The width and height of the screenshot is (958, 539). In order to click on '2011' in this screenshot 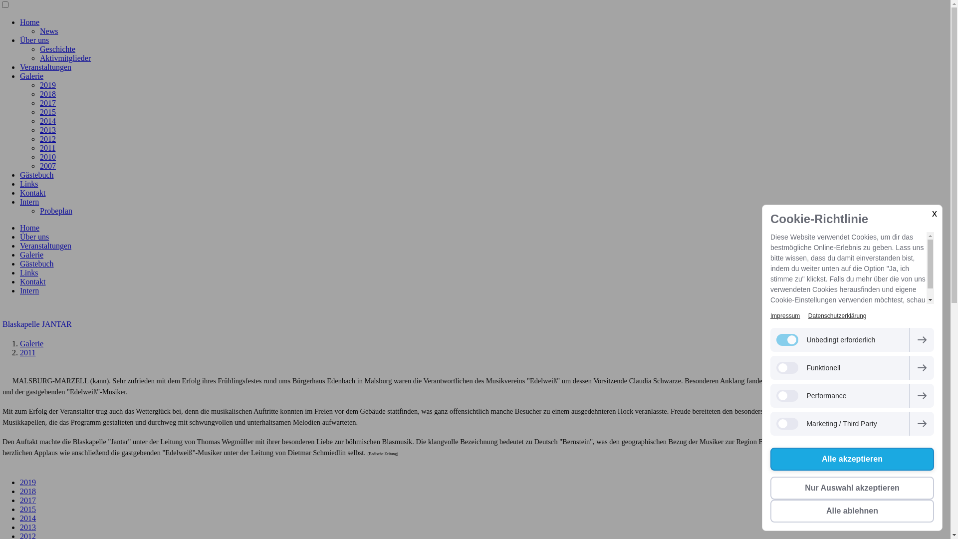, I will do `click(47, 148)`.